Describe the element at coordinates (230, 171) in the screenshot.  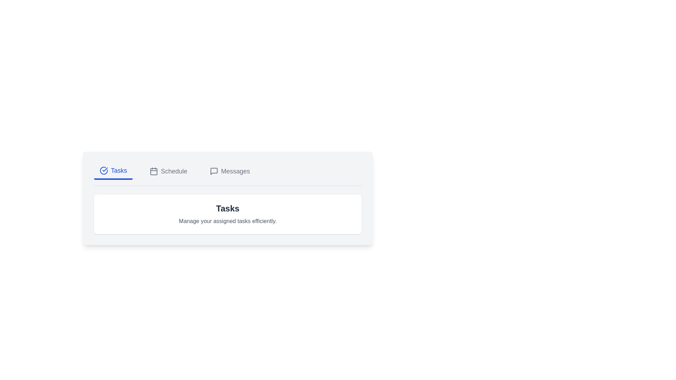
I see `the Messages tab` at that location.